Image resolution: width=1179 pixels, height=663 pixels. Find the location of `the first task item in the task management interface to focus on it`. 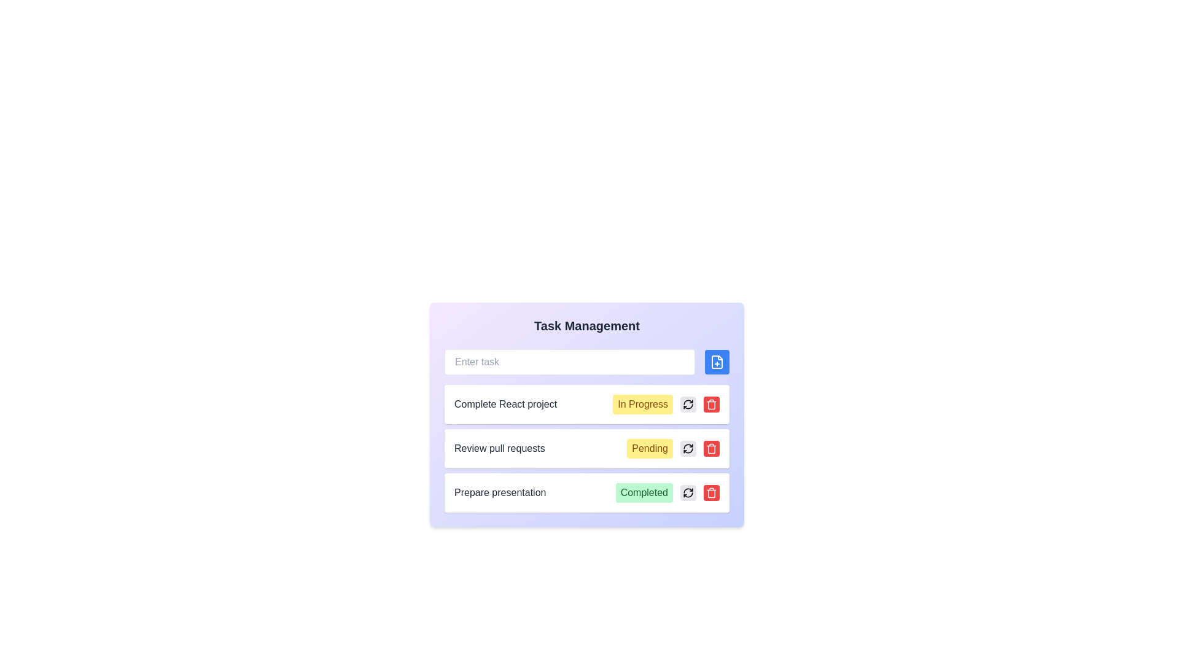

the first task item in the task management interface to focus on it is located at coordinates (586, 405).